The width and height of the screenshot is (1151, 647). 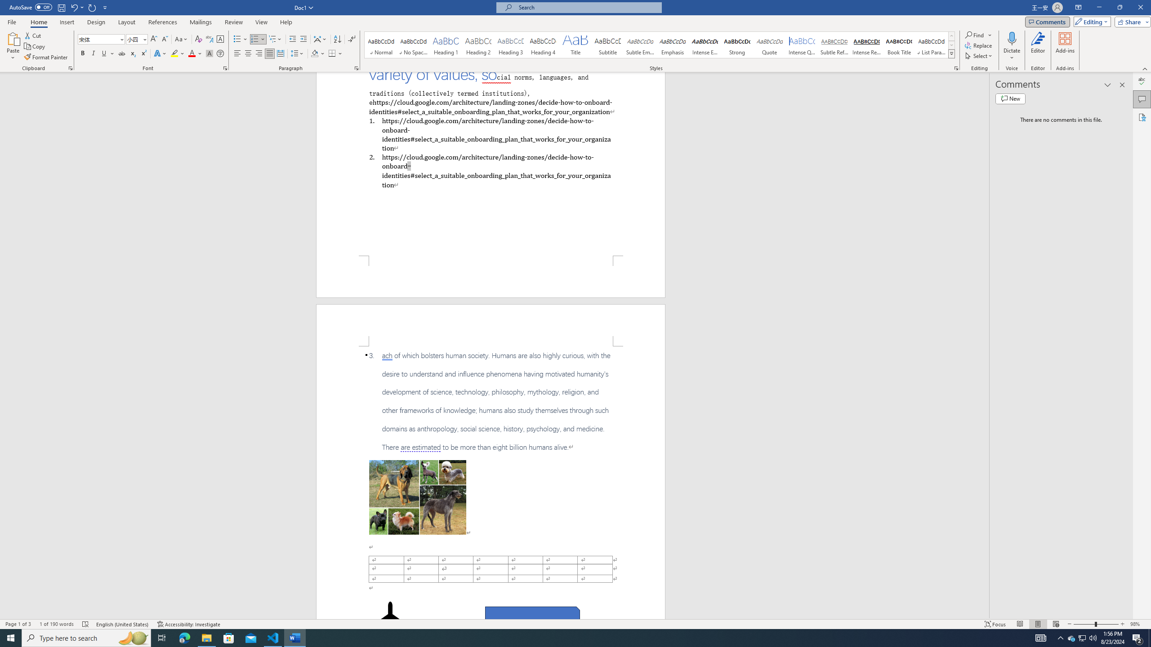 What do you see at coordinates (225, 67) in the screenshot?
I see `'Font...'` at bounding box center [225, 67].